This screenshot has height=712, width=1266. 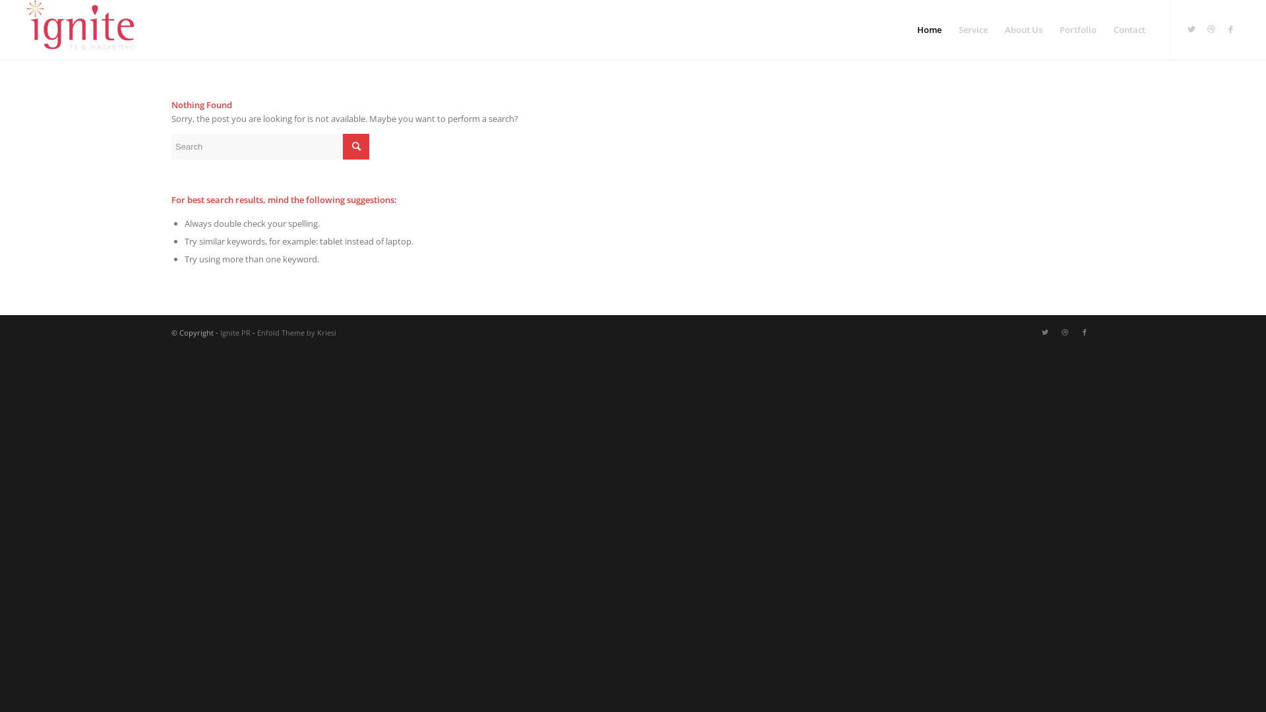 What do you see at coordinates (1211, 28) in the screenshot?
I see `'Dribbble'` at bounding box center [1211, 28].